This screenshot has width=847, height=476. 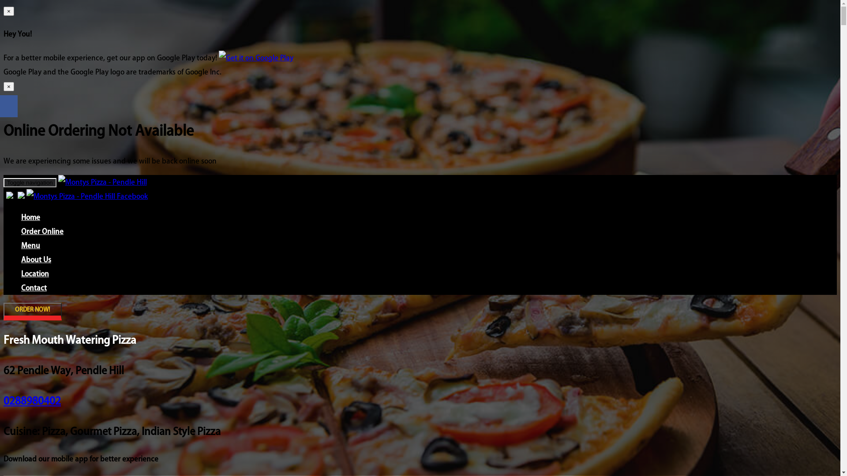 What do you see at coordinates (32, 309) in the screenshot?
I see `'ORDER NOW!'` at bounding box center [32, 309].